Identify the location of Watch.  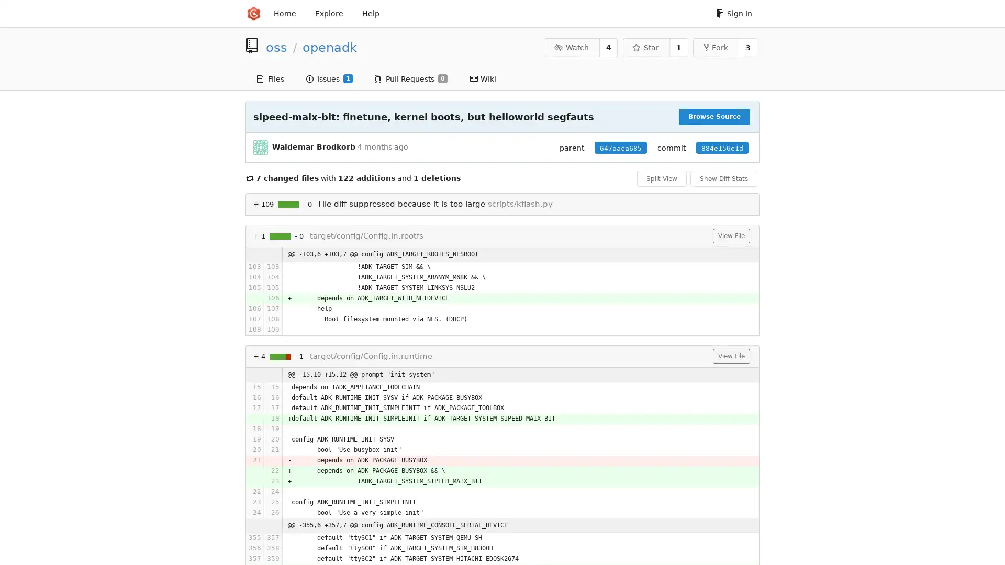
(572, 48).